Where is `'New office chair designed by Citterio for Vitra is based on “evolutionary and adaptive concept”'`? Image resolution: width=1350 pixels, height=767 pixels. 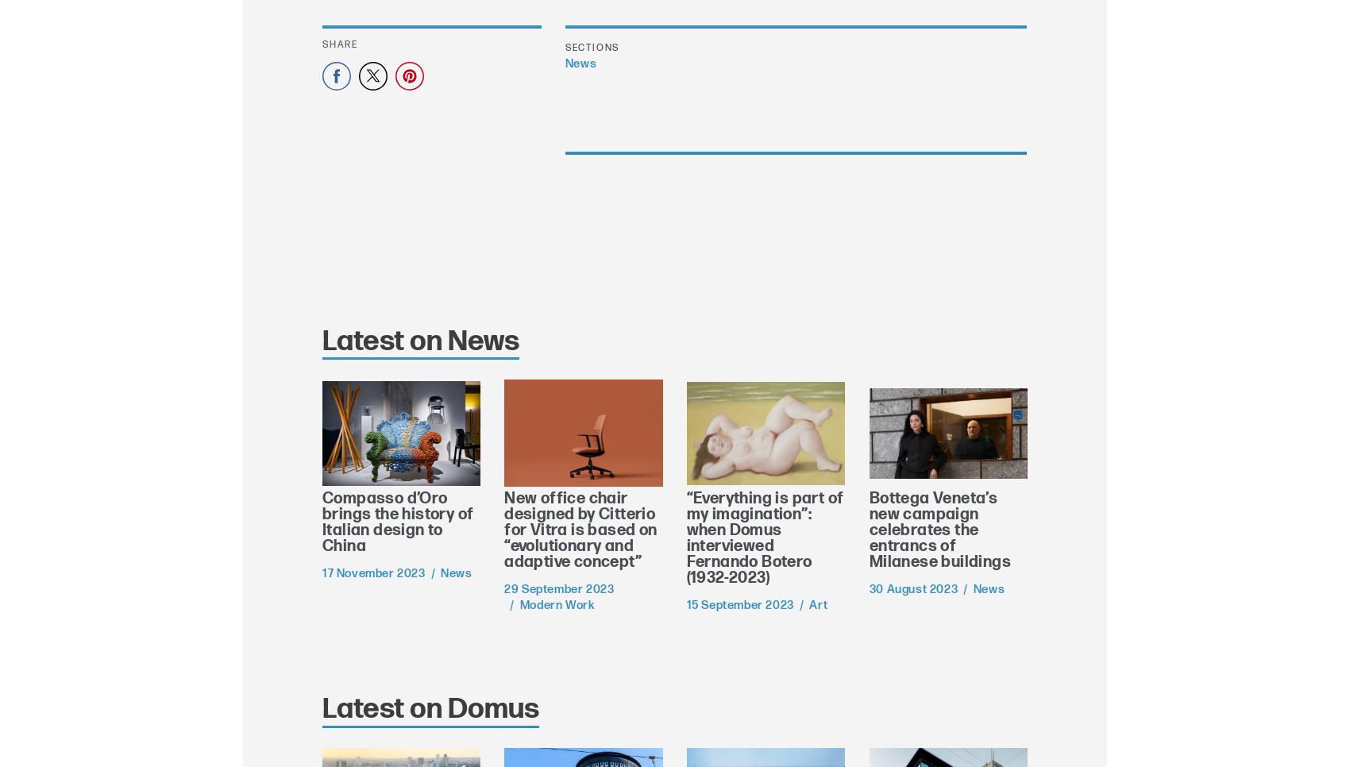
'New office chair designed by Citterio for Vitra is based on “evolutionary and adaptive concept”' is located at coordinates (580, 530).